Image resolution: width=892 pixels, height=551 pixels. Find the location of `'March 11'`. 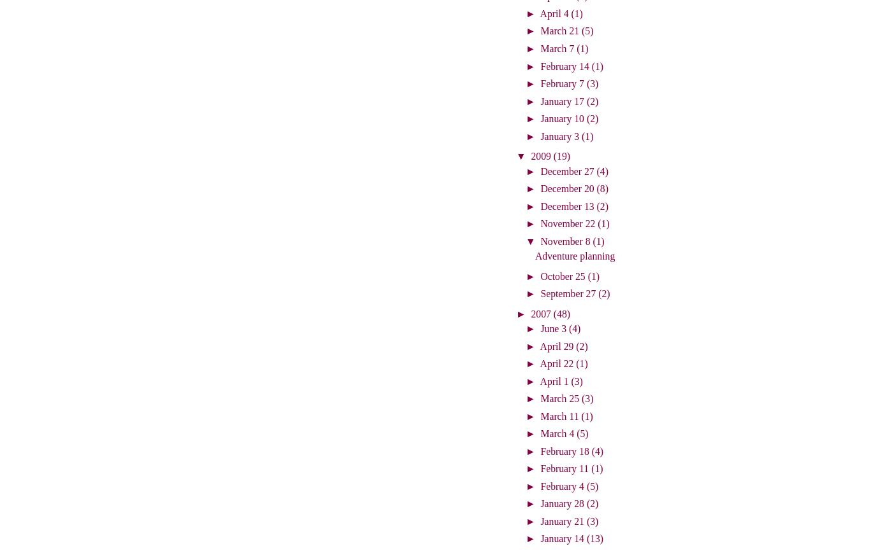

'March 11' is located at coordinates (561, 415).